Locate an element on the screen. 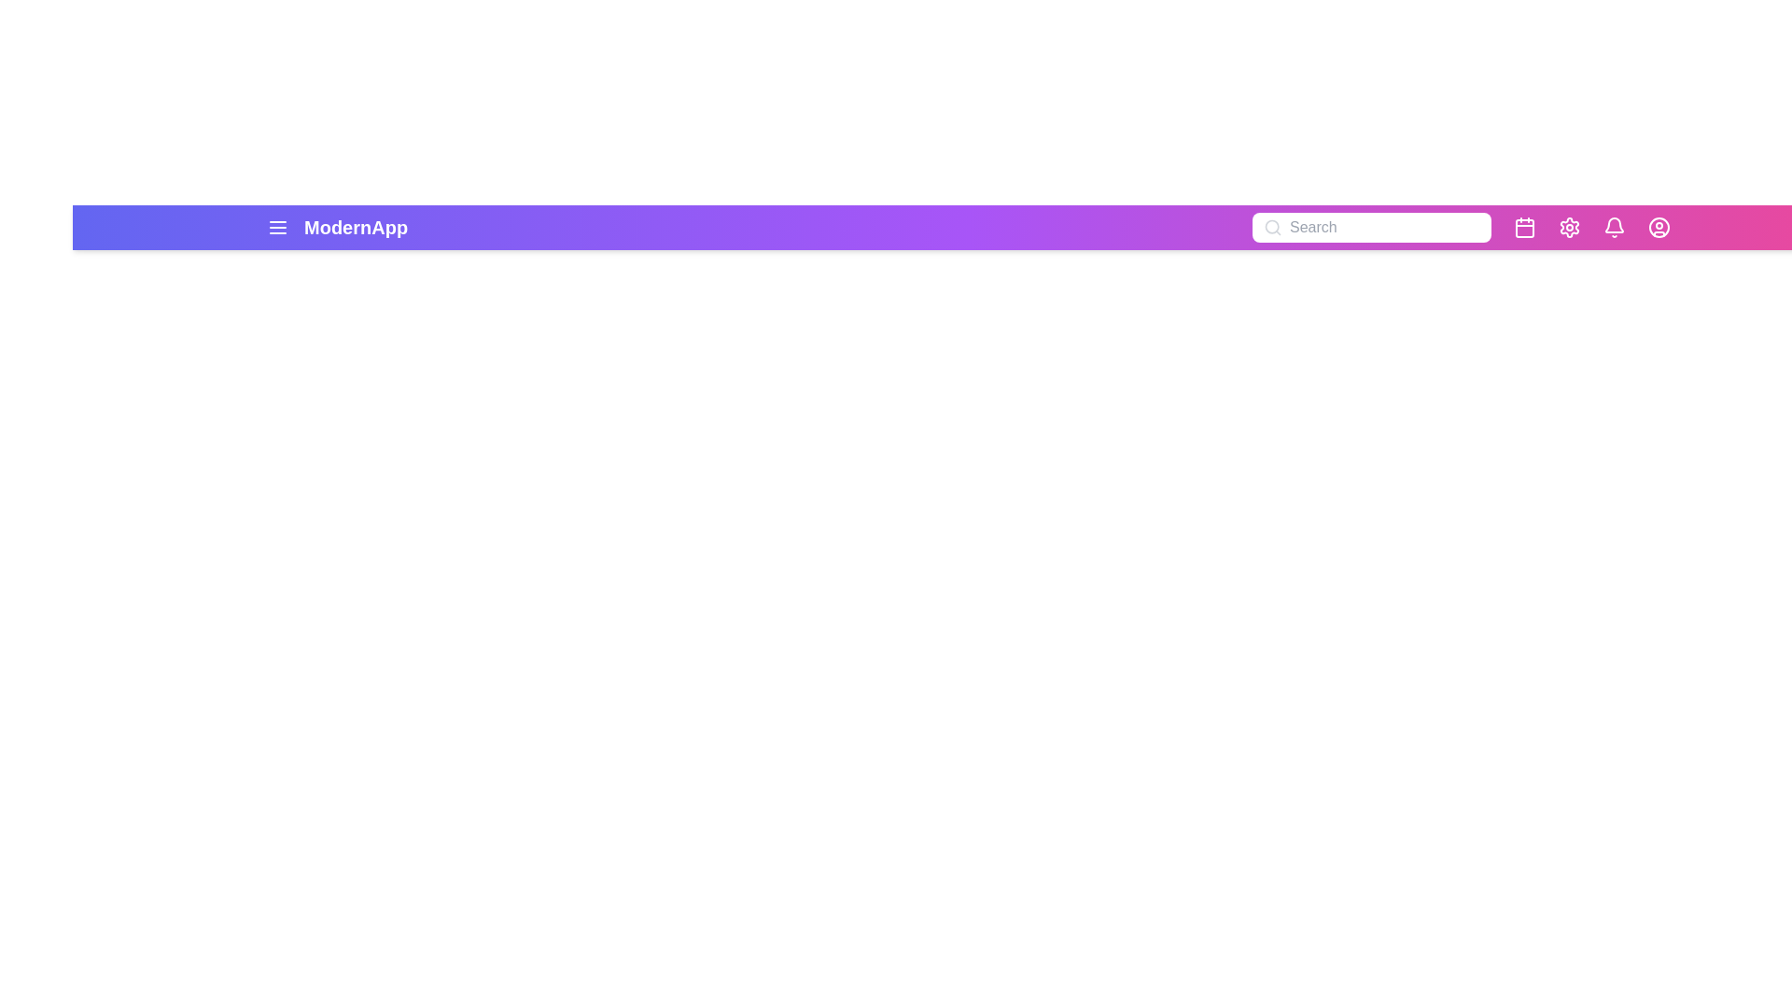 The height and width of the screenshot is (1008, 1792). the bell icon in the navigation bar is located at coordinates (1613, 226).